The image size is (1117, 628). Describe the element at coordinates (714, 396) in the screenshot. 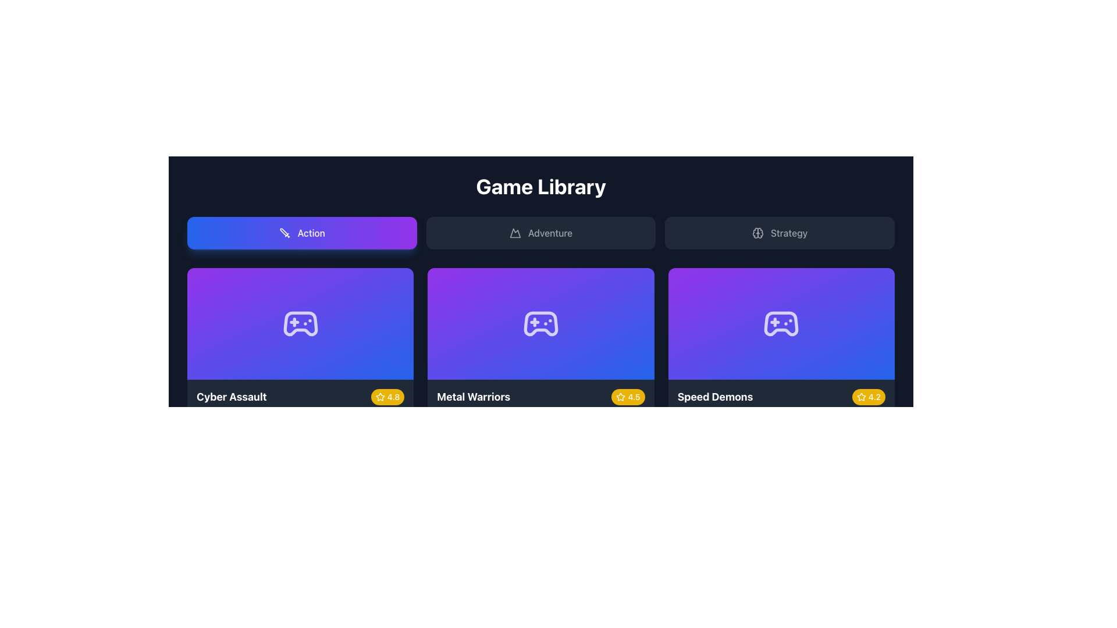

I see `the static text label that reads 'Speed Demons', styled in bold white font, located at the bottom of the third card in a horizontal list of three cards` at that location.